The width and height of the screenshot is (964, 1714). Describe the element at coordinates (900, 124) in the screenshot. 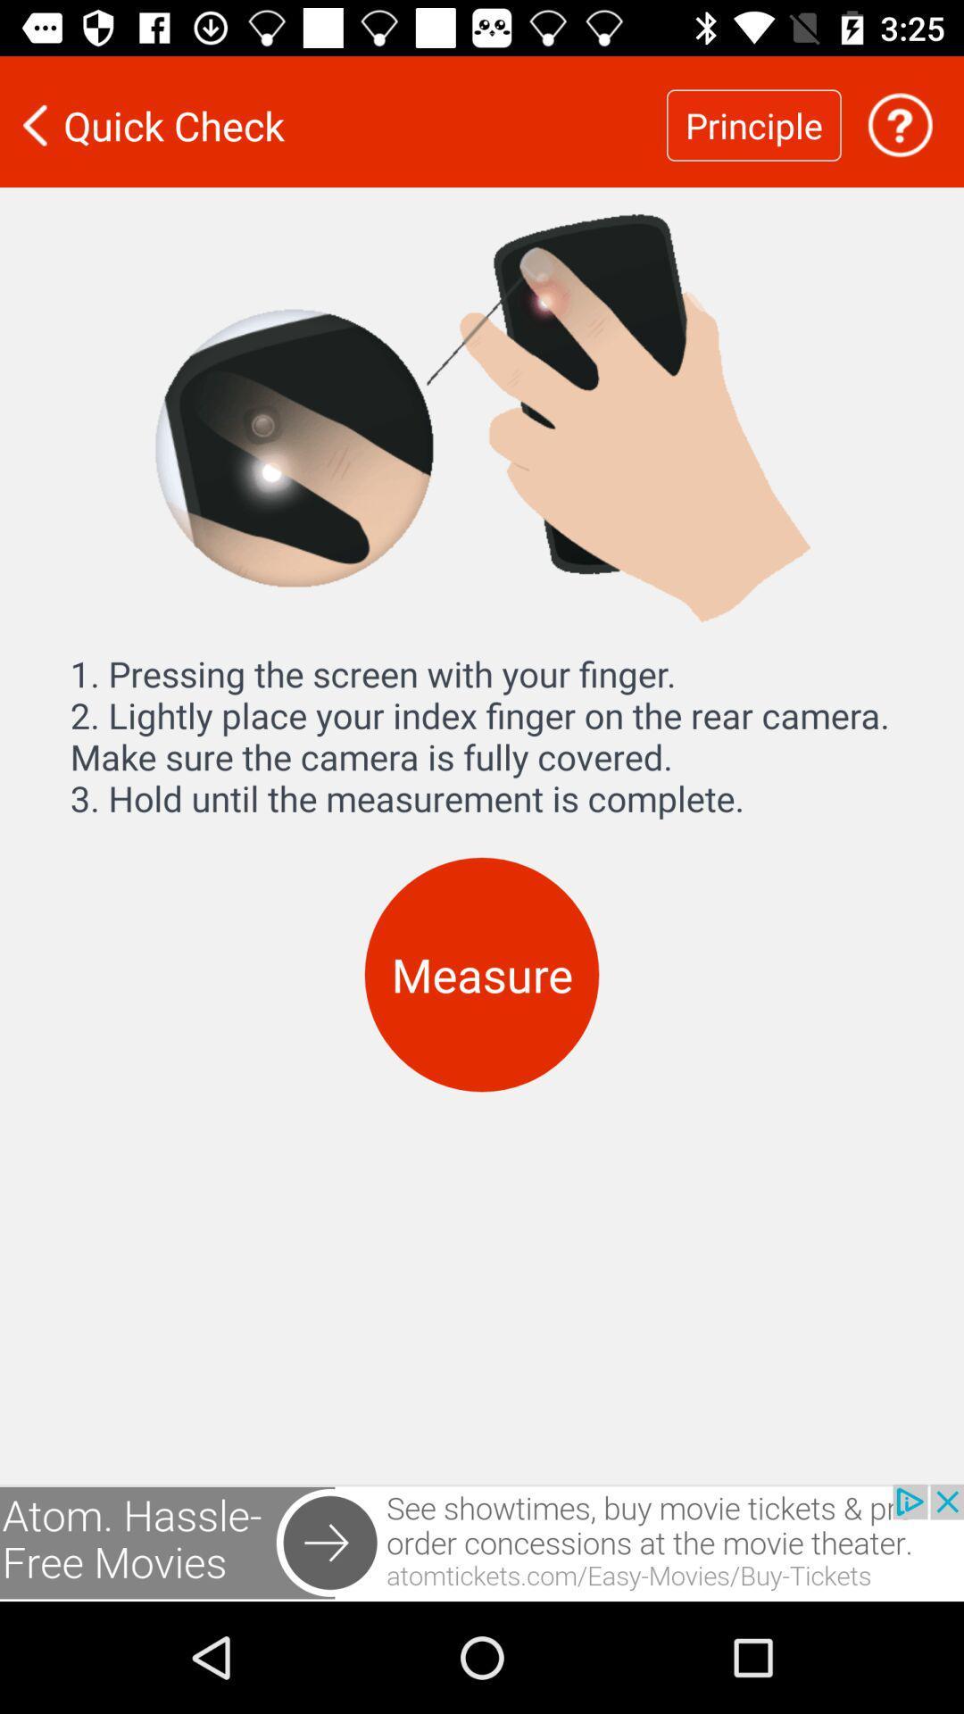

I see `get help` at that location.